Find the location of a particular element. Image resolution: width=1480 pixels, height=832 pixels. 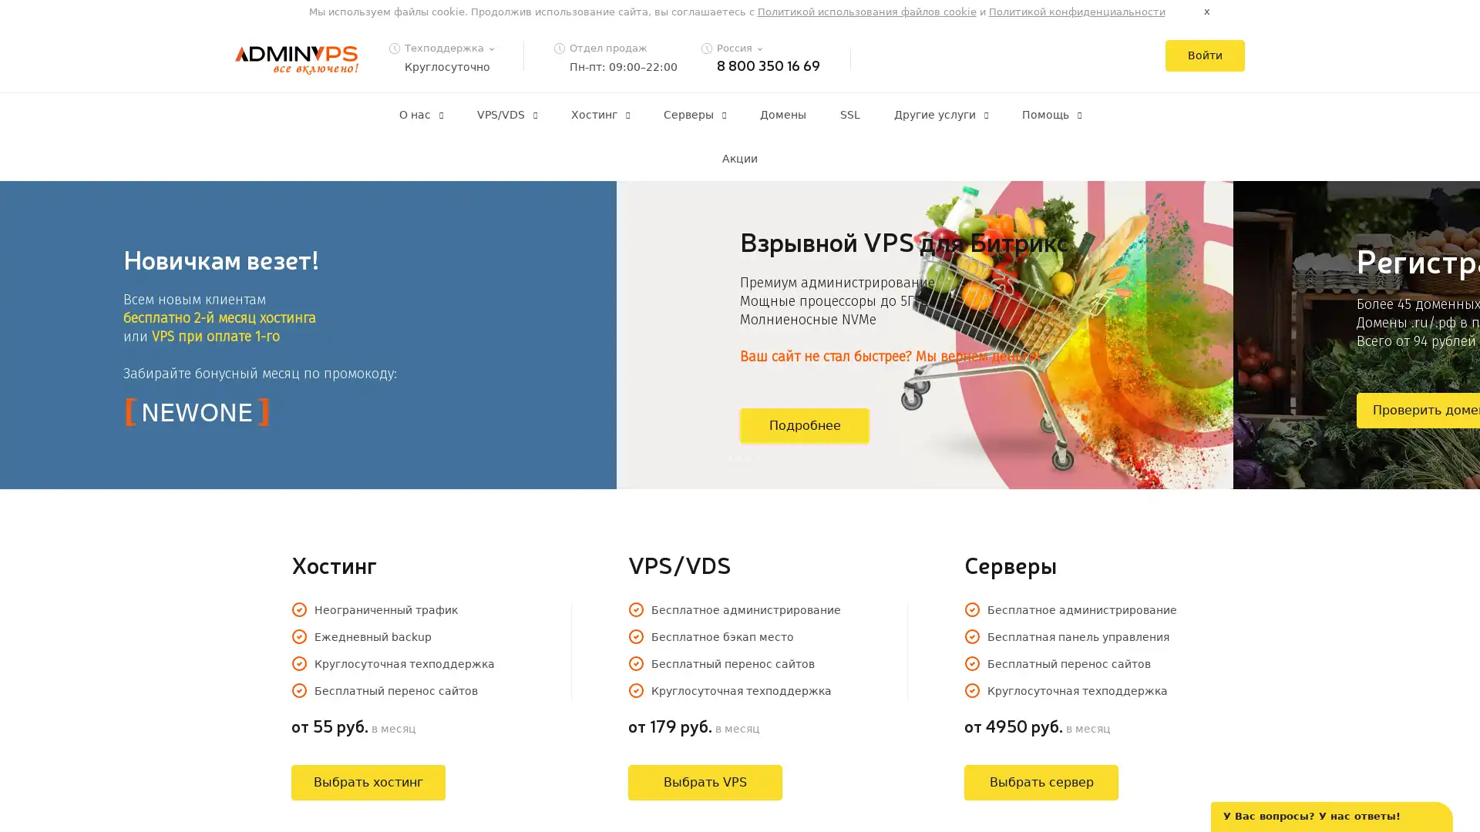

4 is located at coordinates (749, 457).